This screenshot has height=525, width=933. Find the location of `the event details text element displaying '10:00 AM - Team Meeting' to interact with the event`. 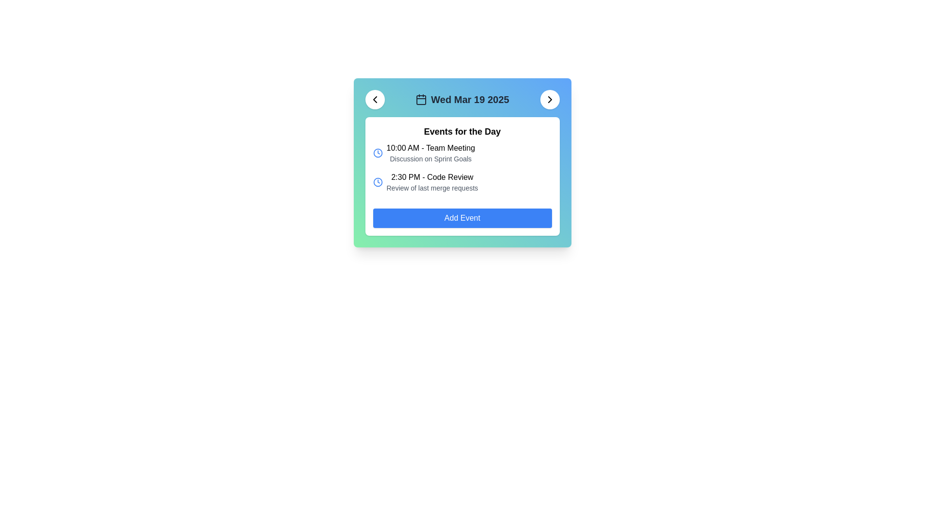

the event details text element displaying '10:00 AM - Team Meeting' to interact with the event is located at coordinates (430, 153).